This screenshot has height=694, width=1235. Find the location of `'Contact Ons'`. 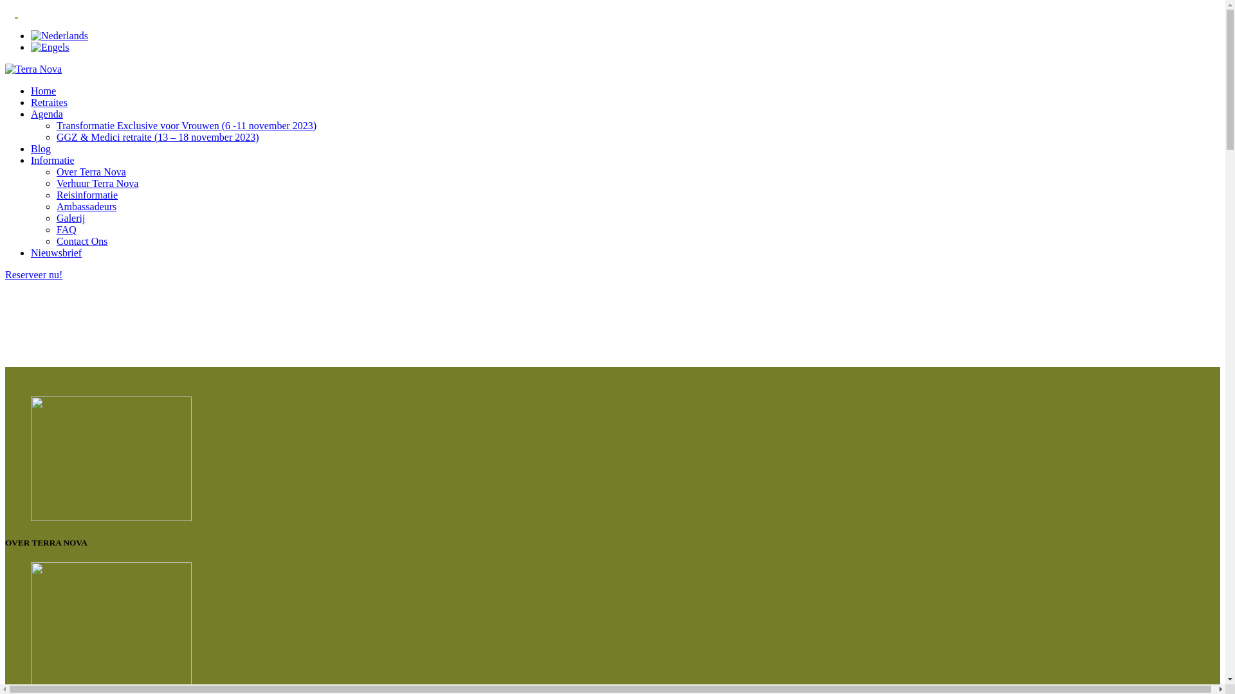

'Contact Ons' is located at coordinates (82, 241).